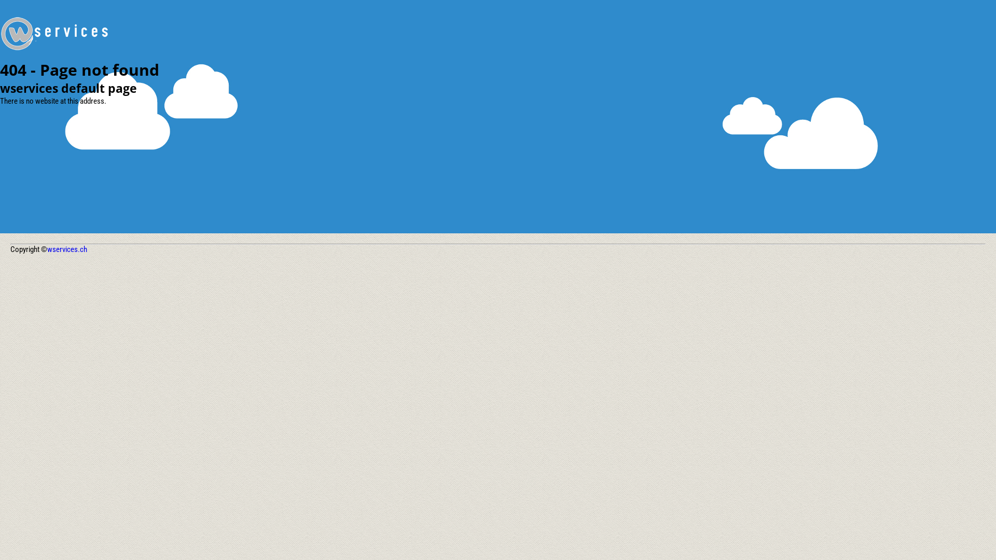 The width and height of the screenshot is (996, 560). I want to click on 'wservices.ch', so click(66, 249).